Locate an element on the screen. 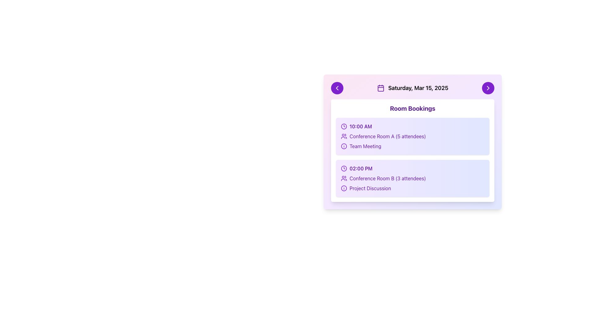 Image resolution: width=594 pixels, height=334 pixels. the right-facing chevron arrow icon with a purple background circle located in the top-right corner of the Room Bookings section is located at coordinates (488, 88).